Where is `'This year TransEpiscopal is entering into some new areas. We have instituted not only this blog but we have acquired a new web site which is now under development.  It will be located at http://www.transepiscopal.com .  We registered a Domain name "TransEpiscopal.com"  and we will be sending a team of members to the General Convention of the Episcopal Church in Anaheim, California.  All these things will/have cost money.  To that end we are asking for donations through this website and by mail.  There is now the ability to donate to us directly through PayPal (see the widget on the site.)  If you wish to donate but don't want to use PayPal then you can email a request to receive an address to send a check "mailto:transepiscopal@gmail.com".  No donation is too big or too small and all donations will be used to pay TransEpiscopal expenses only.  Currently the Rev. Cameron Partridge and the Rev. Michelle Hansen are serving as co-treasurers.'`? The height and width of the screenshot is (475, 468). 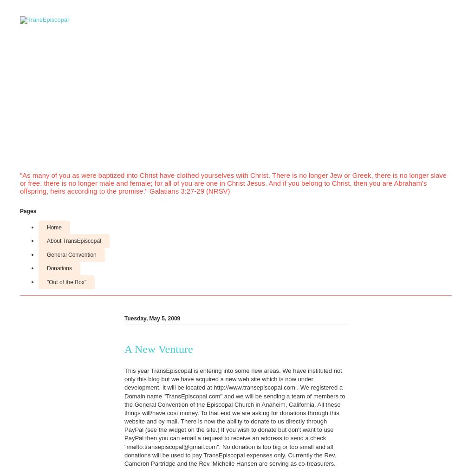 'This year TransEpiscopal is entering into some new areas. We have instituted not only this blog but we have acquired a new web site which is now under development.  It will be located at http://www.transepiscopal.com .  We registered a Domain name "TransEpiscopal.com"  and we will be sending a team of members to the General Convention of the Episcopal Church in Anaheim, California.  All these things will/have cost money.  To that end we are asking for donations through this website and by mail.  There is now the ability to donate to us directly through PayPal (see the widget on the site.)  If you wish to donate but don't want to use PayPal then you can email a request to receive an address to send a check "mailto:transepiscopal@gmail.com".  No donation is too big or too small and all donations will be used to pay TransEpiscopal expenses only.  Currently the Rev. Cameron Partridge and the Rev. Michelle Hansen are serving as co-treasurers.' is located at coordinates (234, 416).